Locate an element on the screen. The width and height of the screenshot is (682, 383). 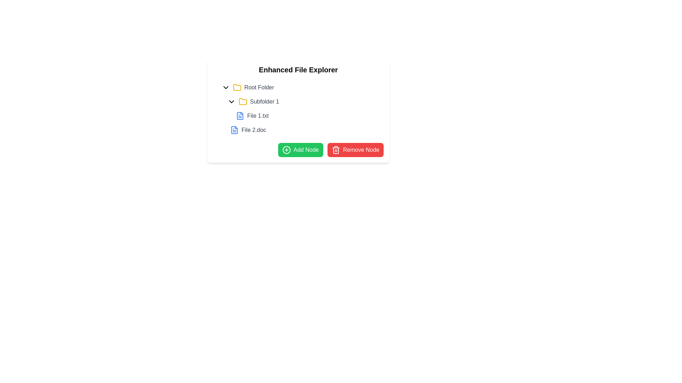
the 'Add Node' button located at the bottom right corner of the 'Enhanced File Explorer' interface is located at coordinates (298, 150).